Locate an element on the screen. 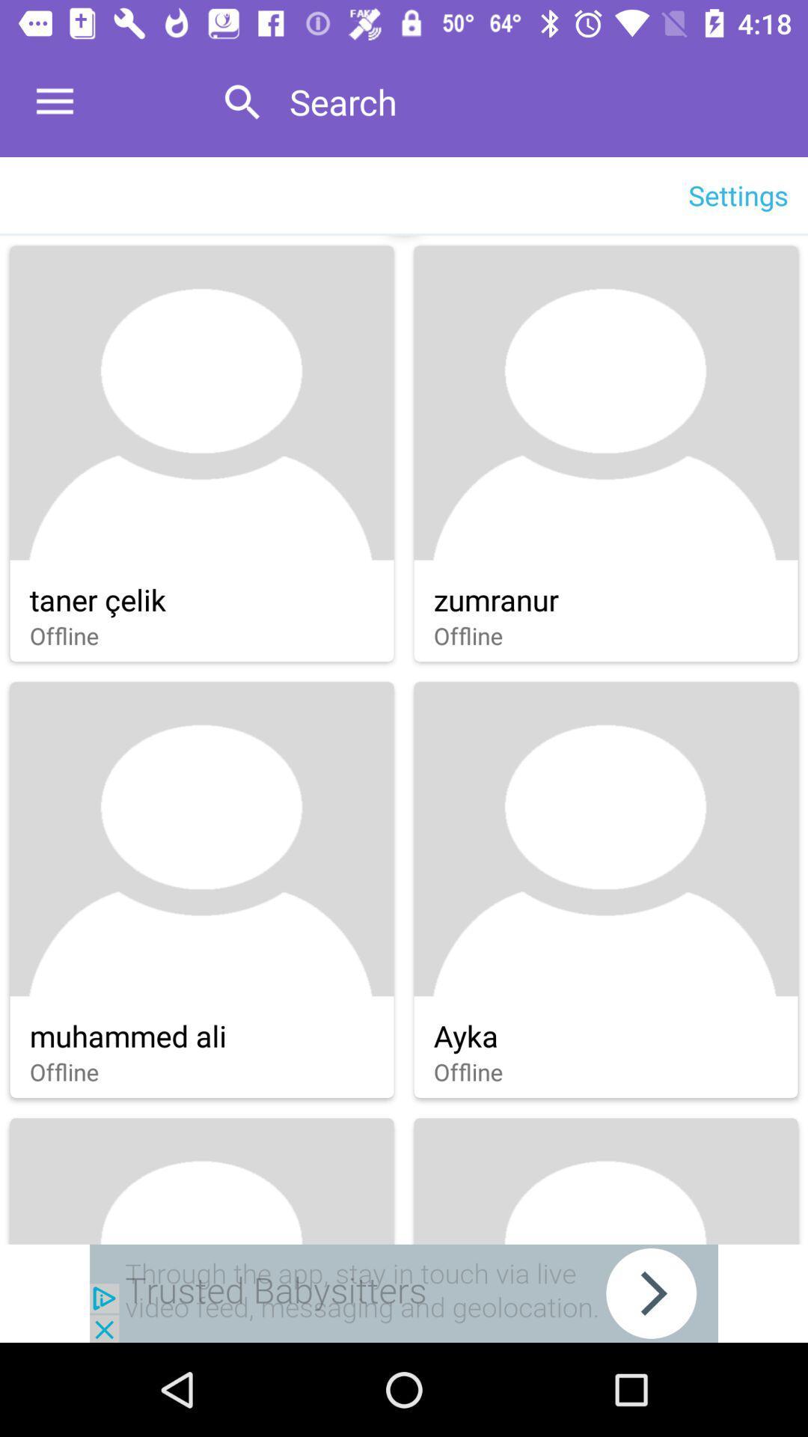  the profile zumranur is located at coordinates (606, 453).